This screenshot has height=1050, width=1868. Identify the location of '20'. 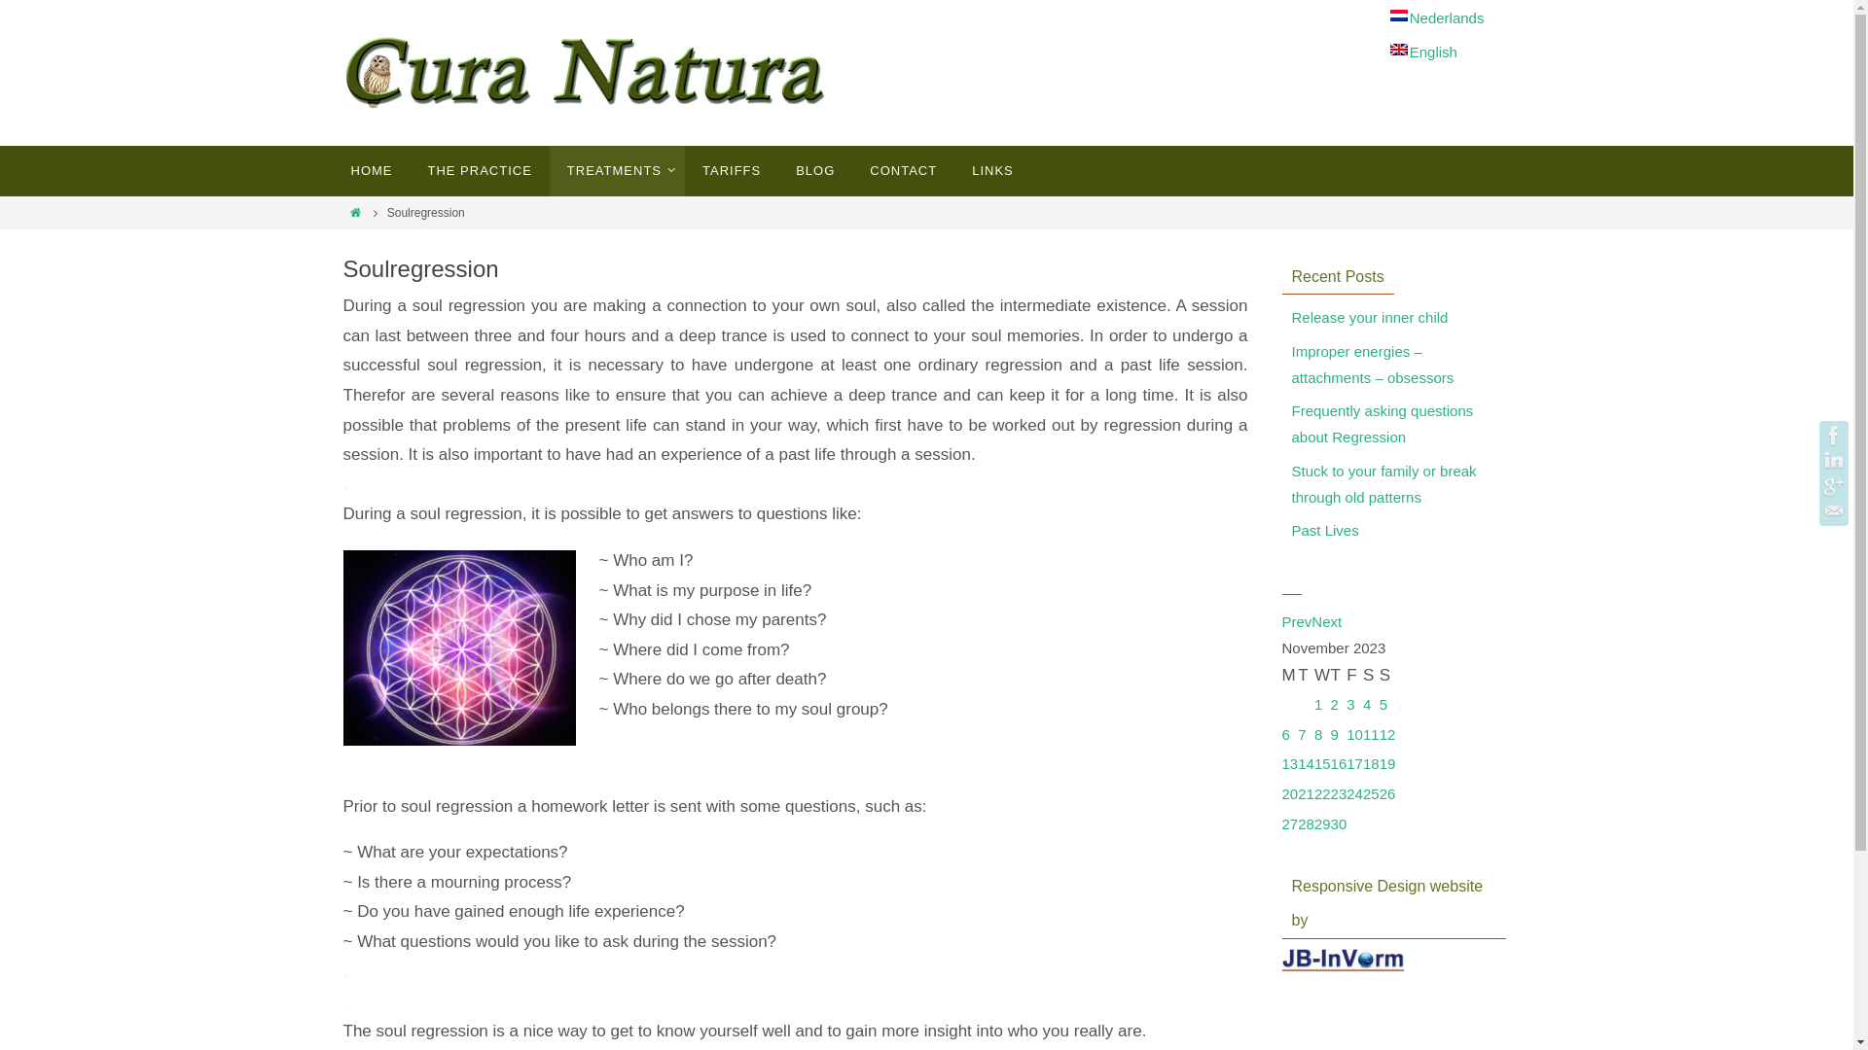
(1290, 794).